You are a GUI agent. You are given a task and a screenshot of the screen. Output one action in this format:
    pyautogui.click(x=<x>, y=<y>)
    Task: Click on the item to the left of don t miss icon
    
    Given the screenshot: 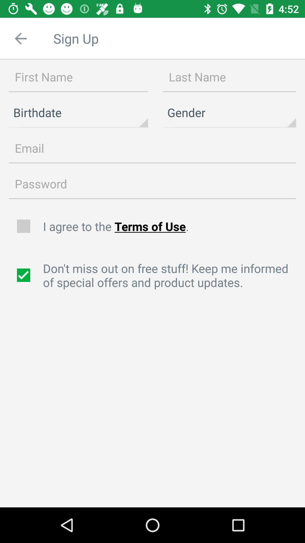 What is the action you would take?
    pyautogui.click(x=24, y=275)
    